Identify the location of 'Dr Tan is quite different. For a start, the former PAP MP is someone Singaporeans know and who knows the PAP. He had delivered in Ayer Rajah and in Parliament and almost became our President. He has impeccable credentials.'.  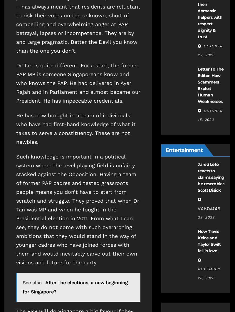
(16, 82).